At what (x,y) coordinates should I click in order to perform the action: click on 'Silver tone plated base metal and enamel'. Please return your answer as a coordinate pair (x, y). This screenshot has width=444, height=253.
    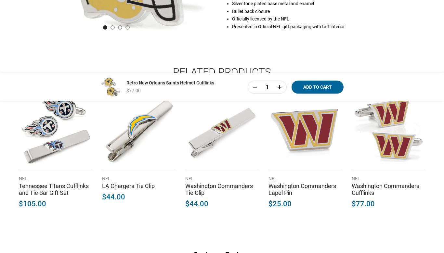
    Looking at the image, I should click on (272, 3).